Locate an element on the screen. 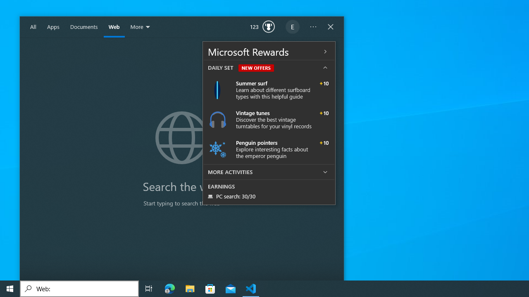  'DAILY SET NEW OFFERS' is located at coordinates (269, 67).